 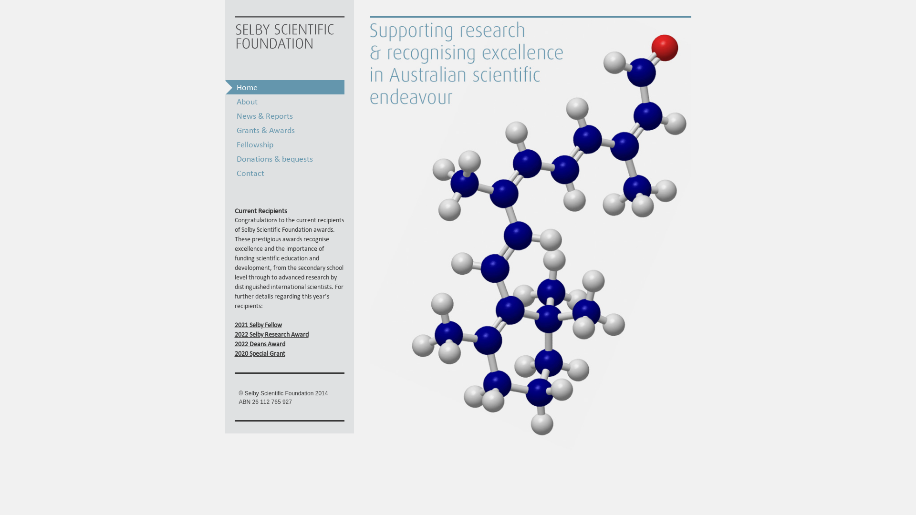 What do you see at coordinates (284, 115) in the screenshot?
I see `'News & Reports'` at bounding box center [284, 115].